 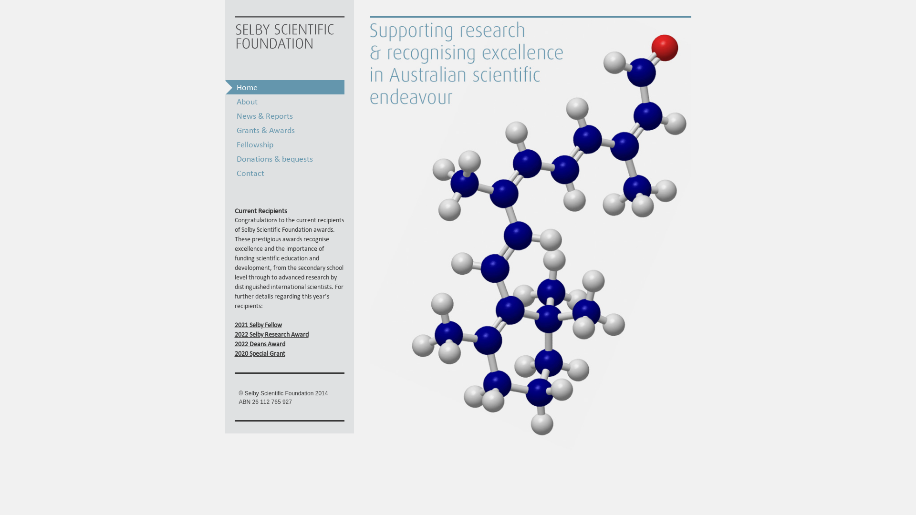 What do you see at coordinates (284, 115) in the screenshot?
I see `'News & Reports'` at bounding box center [284, 115].